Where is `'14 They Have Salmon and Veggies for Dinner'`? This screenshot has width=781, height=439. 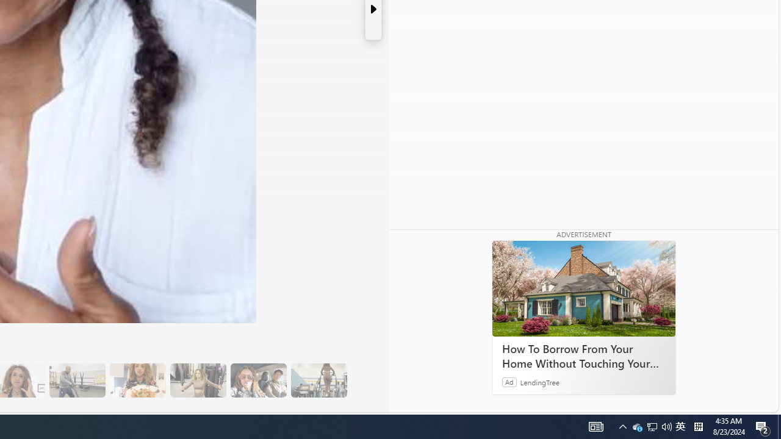
'14 They Have Salmon and Veggies for Dinner' is located at coordinates (137, 380).